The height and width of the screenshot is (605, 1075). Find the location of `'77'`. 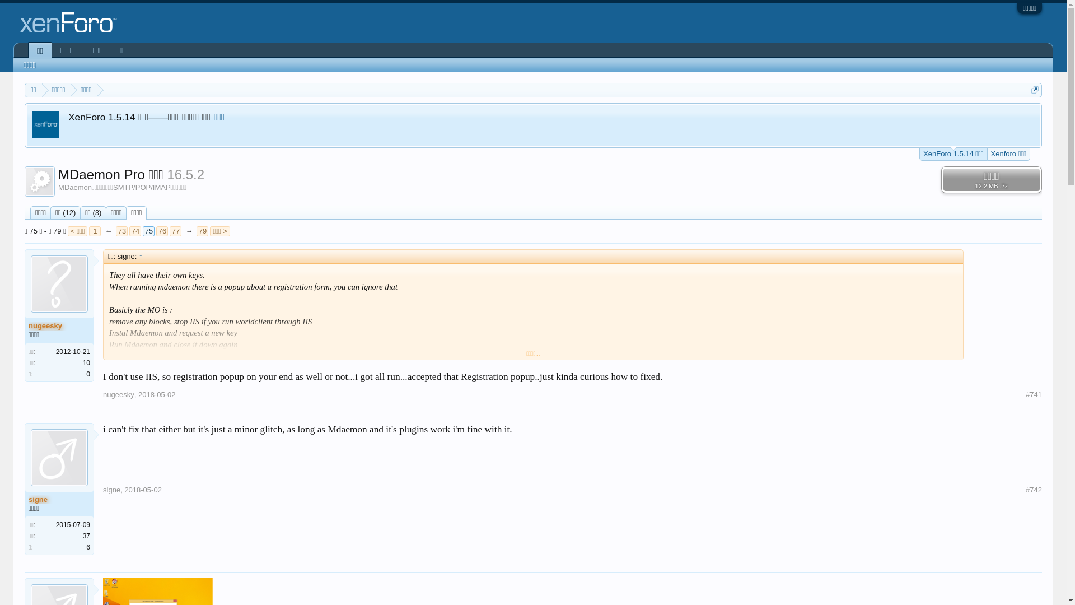

'77' is located at coordinates (175, 230).